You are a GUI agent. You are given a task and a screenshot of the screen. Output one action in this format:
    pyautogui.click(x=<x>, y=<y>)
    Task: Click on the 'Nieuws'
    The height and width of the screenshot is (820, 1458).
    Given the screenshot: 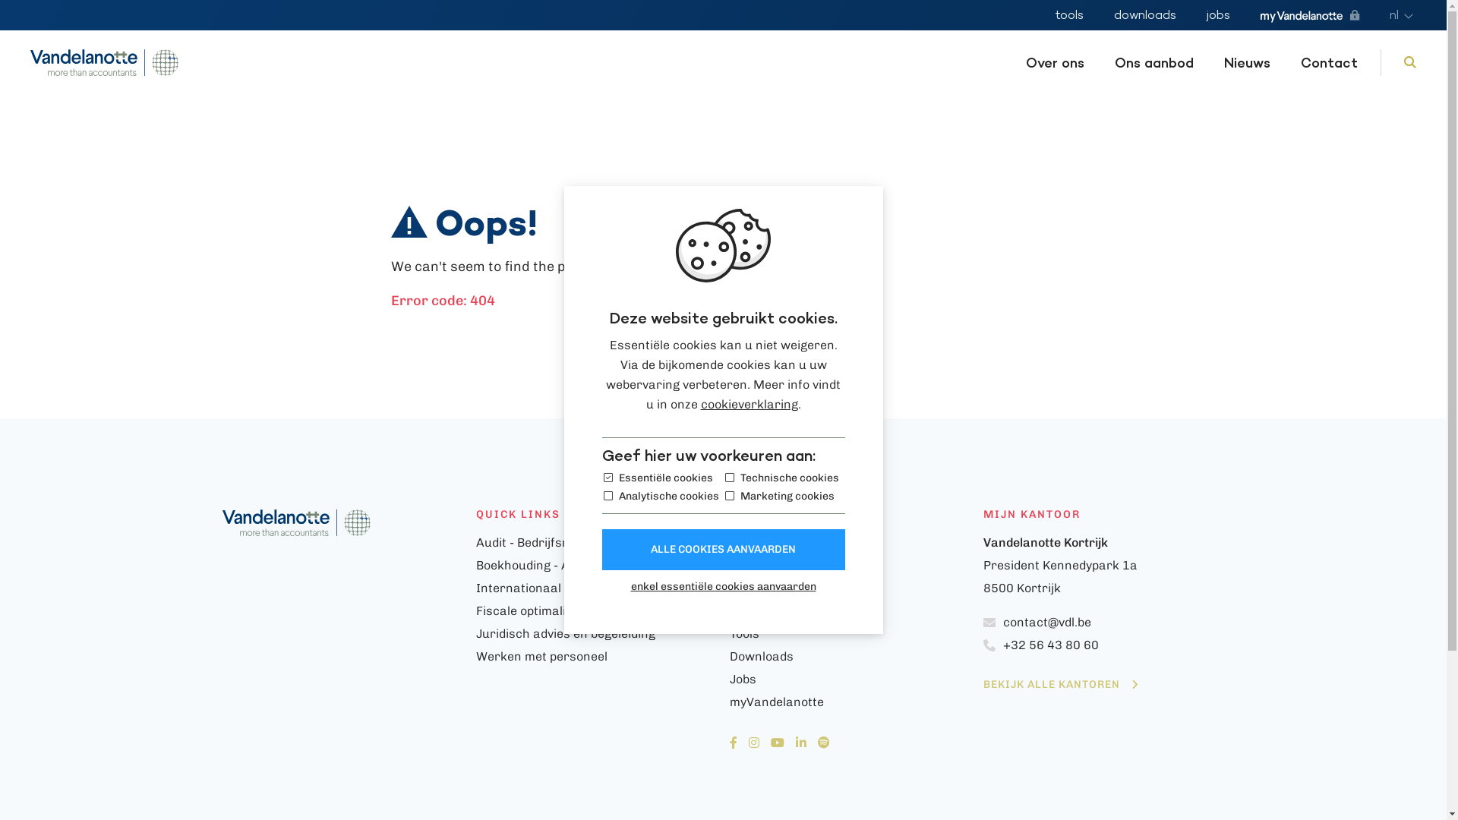 What is the action you would take?
    pyautogui.click(x=1247, y=61)
    